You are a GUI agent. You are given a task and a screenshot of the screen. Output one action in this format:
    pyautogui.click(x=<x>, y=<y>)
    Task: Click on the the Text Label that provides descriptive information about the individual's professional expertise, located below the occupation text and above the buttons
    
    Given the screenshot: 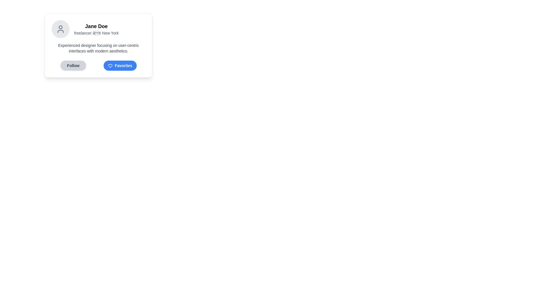 What is the action you would take?
    pyautogui.click(x=98, y=48)
    